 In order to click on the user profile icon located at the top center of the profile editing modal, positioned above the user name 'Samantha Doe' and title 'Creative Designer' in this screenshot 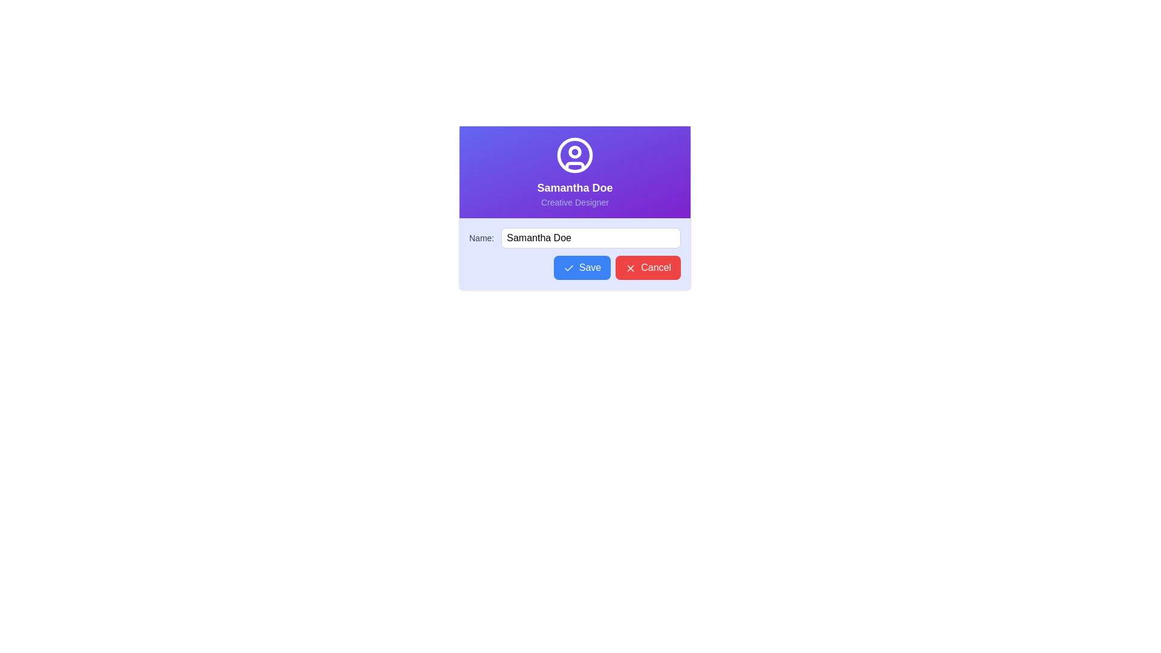, I will do `click(574, 155)`.